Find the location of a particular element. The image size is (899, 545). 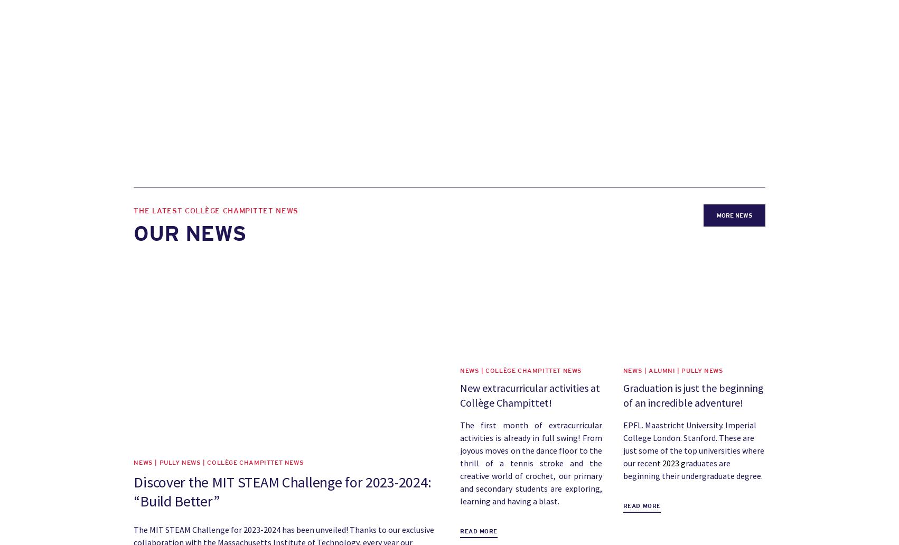

'THE LATEST COLLÈGE CHAMPITTET NEWS' is located at coordinates (133, 211).